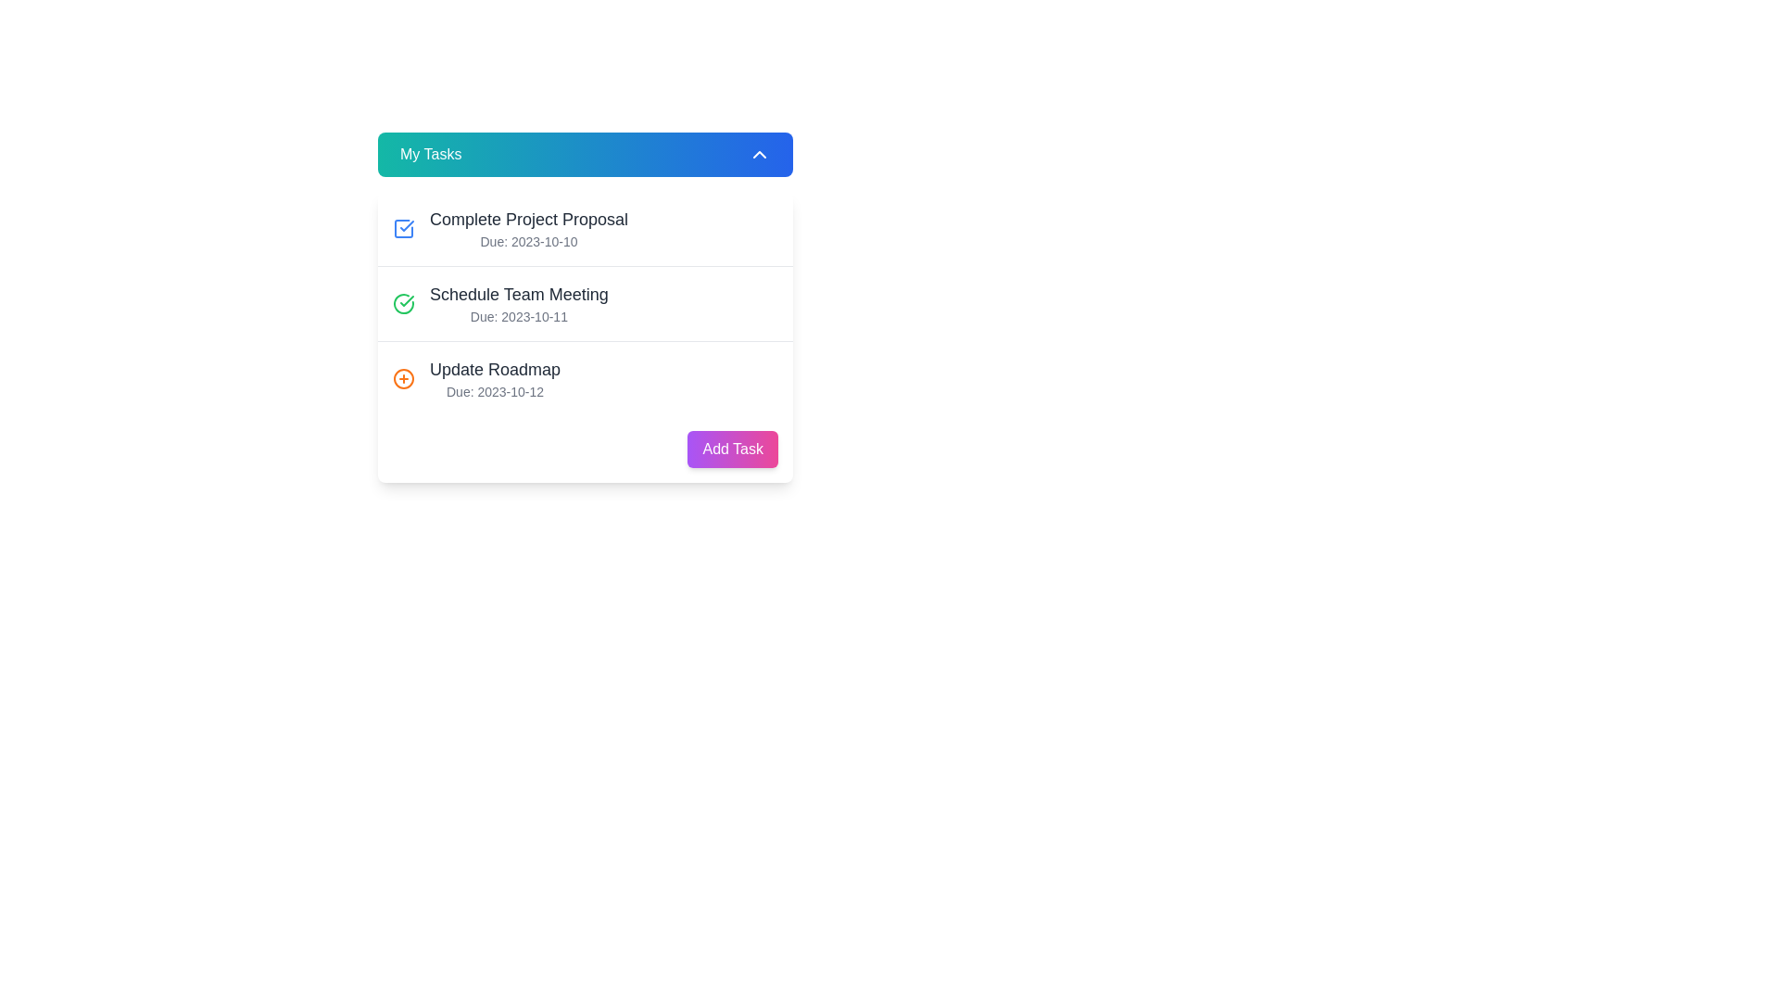  I want to click on the text label displaying 'Update Roadmap', which is styled with a large font size and dark gray color, positioned above the due date information as the third task in the list, so click(495, 369).